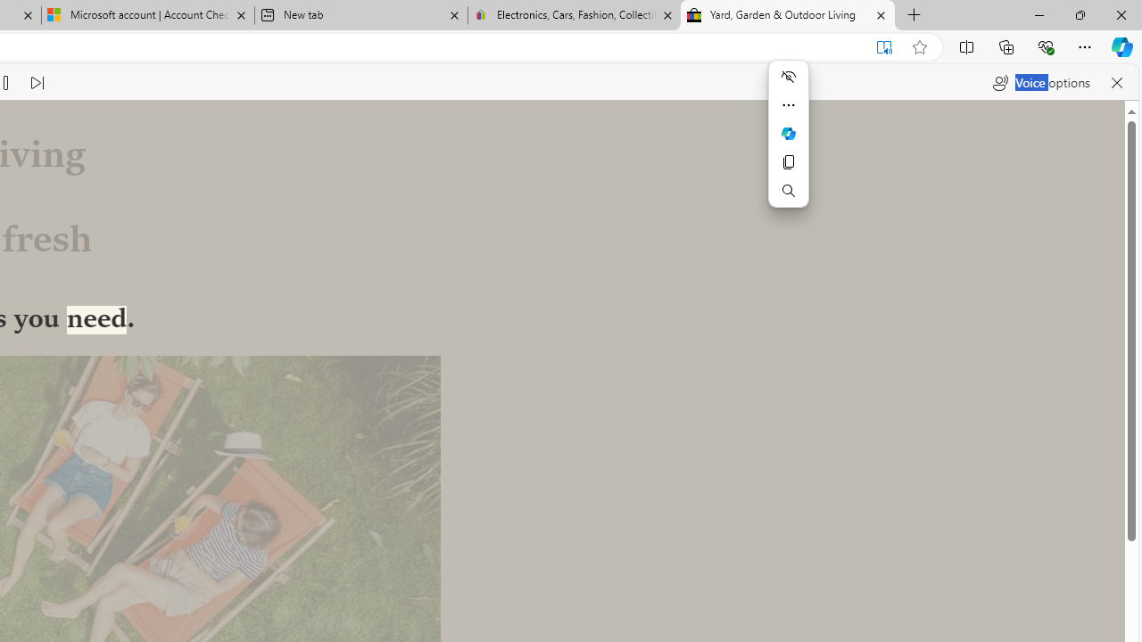 The height and width of the screenshot is (642, 1142). I want to click on 'Mini menu on text selection', so click(787, 144).